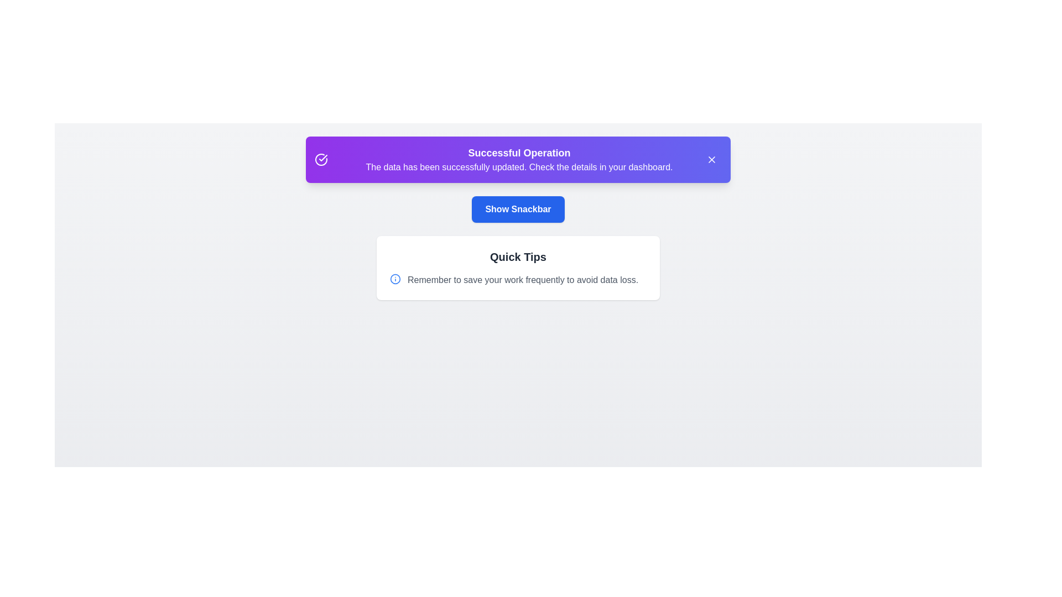 The height and width of the screenshot is (597, 1062). I want to click on the informational icon in the 'Quick Tips' section, so click(395, 279).